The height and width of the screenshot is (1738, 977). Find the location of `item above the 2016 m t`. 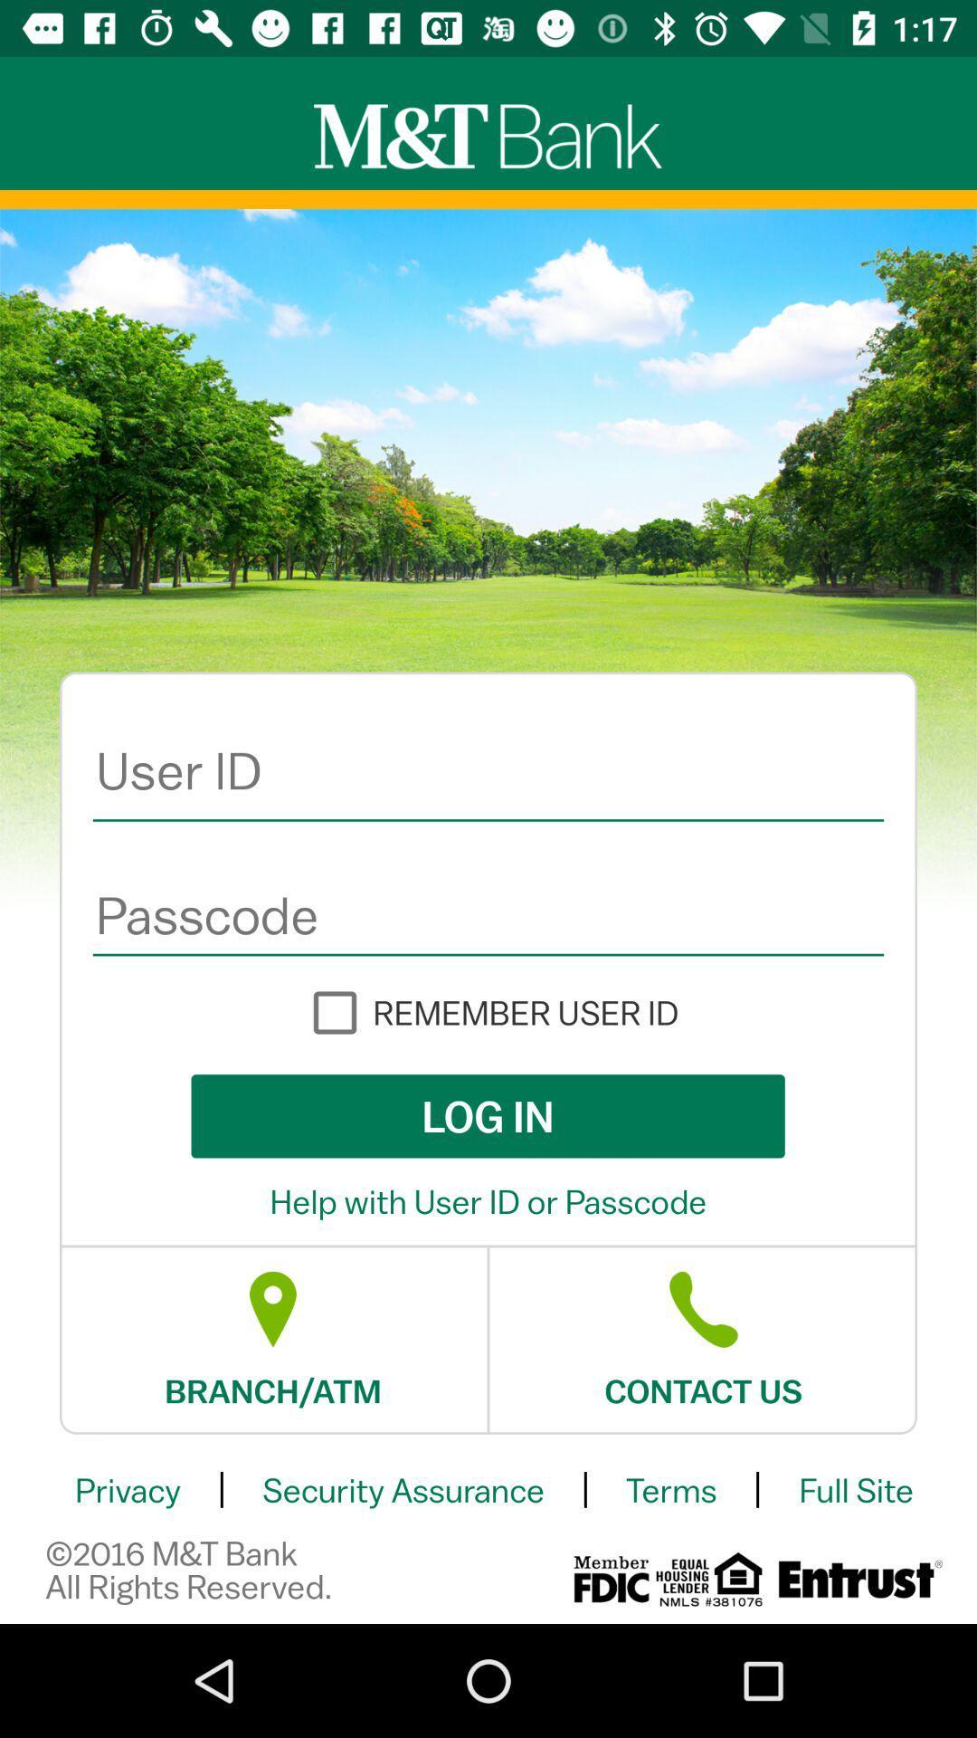

item above the 2016 m t is located at coordinates (127, 1490).